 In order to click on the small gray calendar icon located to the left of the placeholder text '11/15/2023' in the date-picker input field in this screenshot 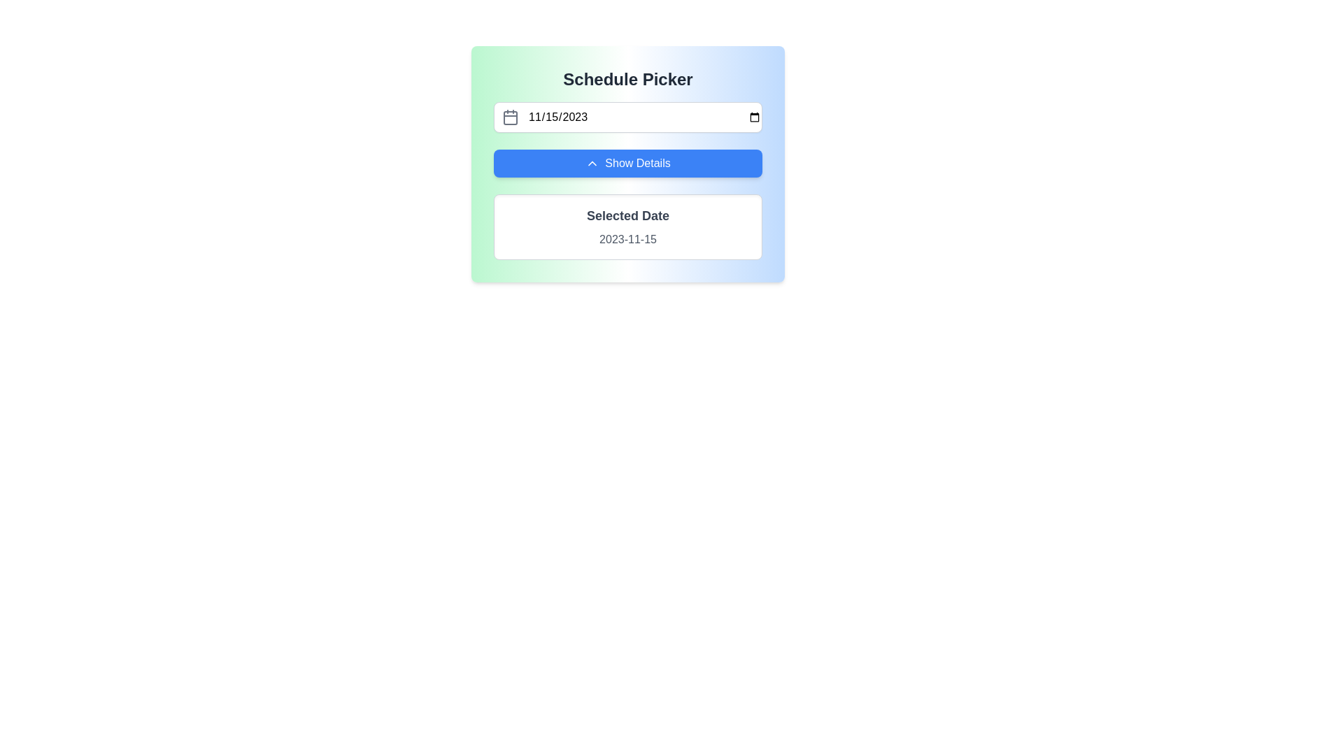, I will do `click(509, 117)`.